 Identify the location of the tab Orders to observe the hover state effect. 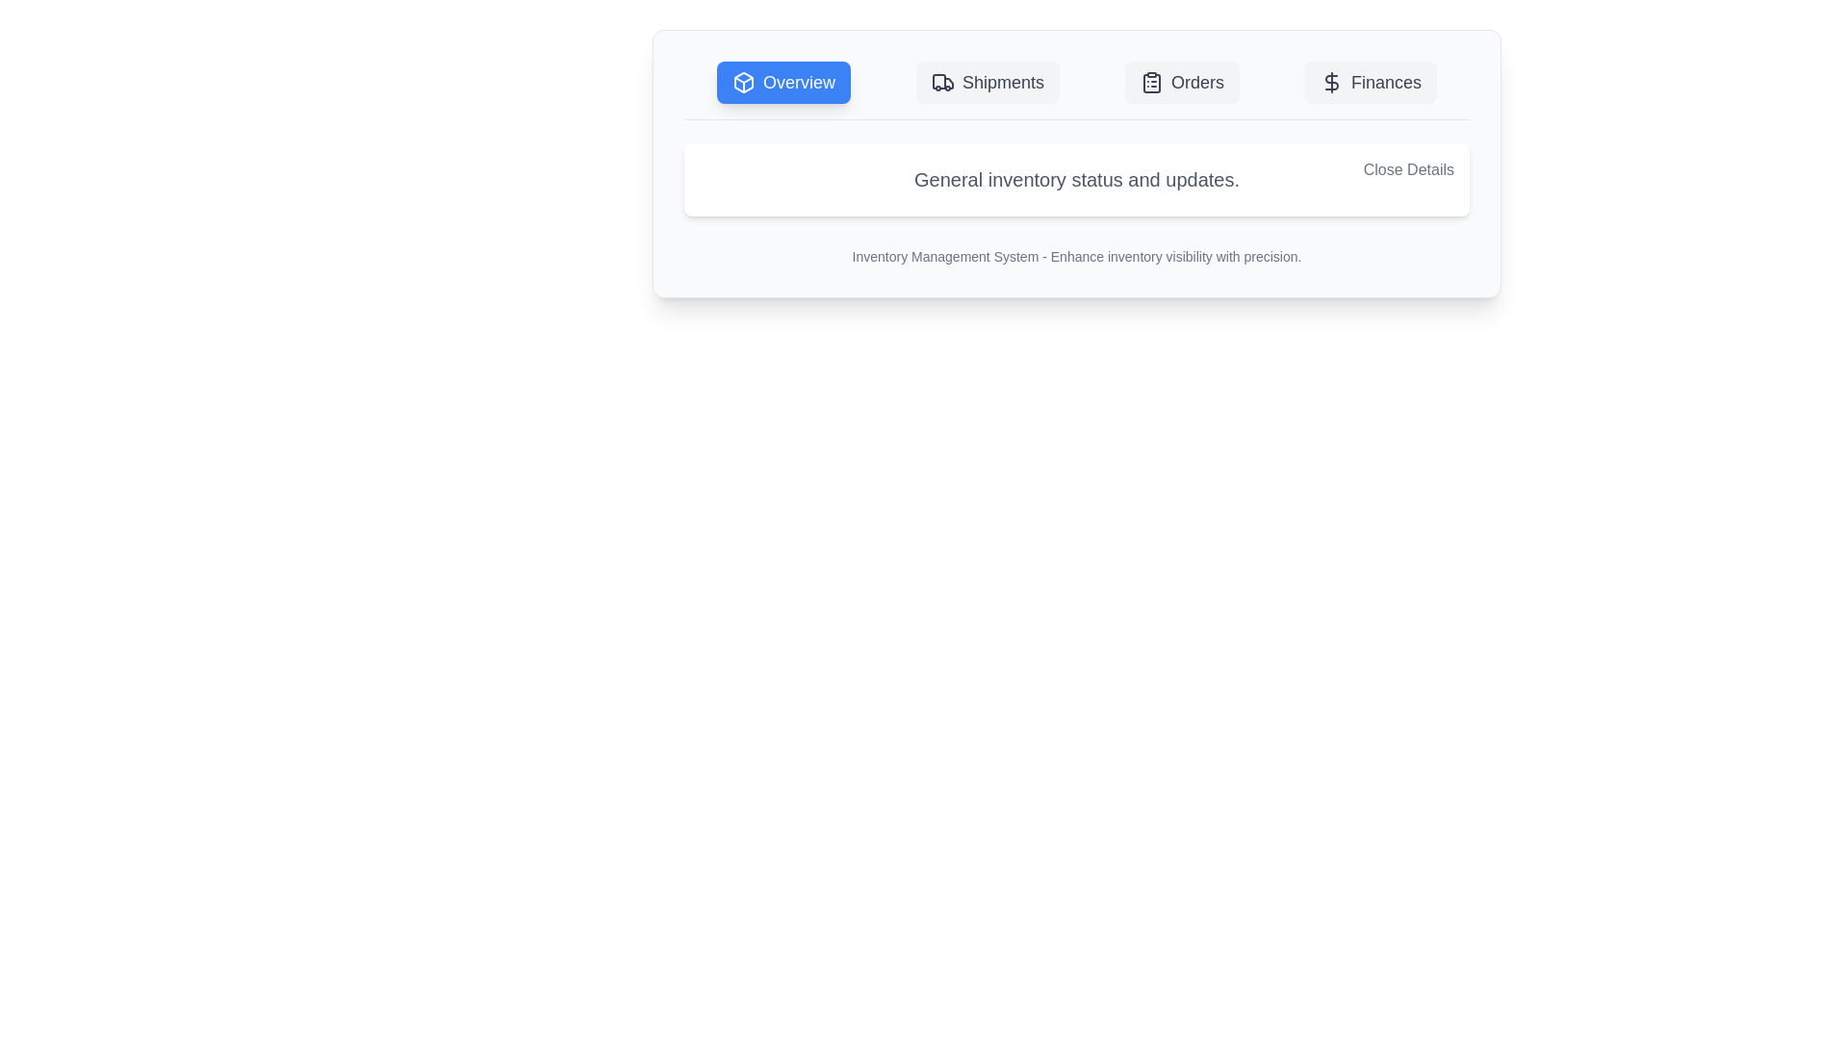
(1181, 81).